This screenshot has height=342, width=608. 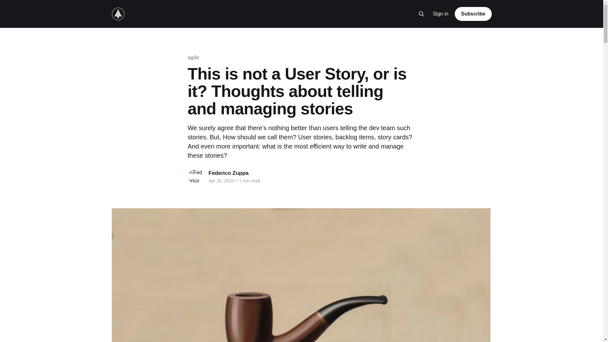 I want to click on 'Sign in', so click(x=440, y=14).